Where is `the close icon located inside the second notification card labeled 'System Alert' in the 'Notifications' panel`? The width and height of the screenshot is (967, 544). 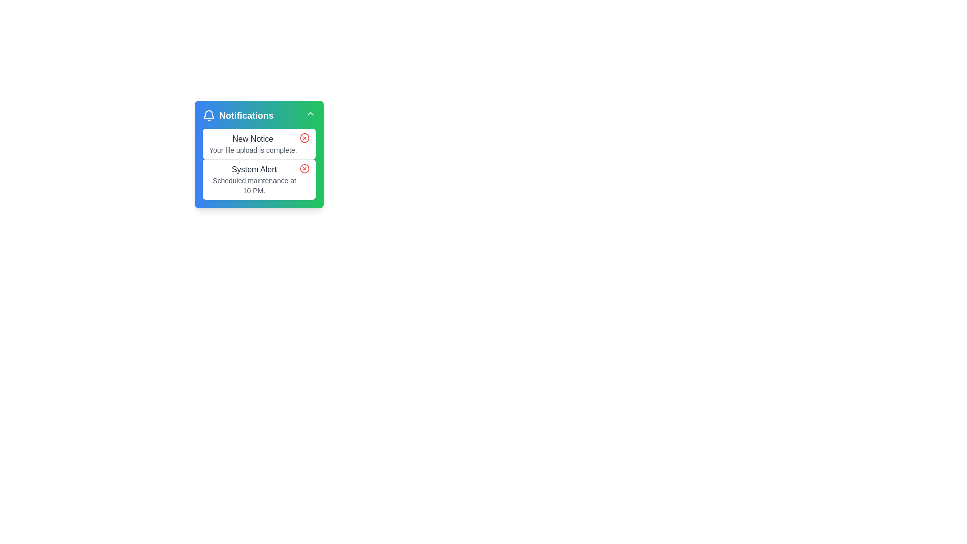
the close icon located inside the second notification card labeled 'System Alert' in the 'Notifications' panel is located at coordinates (304, 168).